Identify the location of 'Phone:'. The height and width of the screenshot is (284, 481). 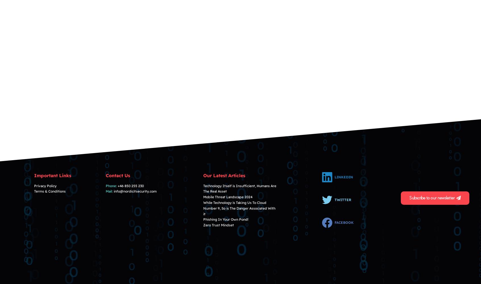
(112, 185).